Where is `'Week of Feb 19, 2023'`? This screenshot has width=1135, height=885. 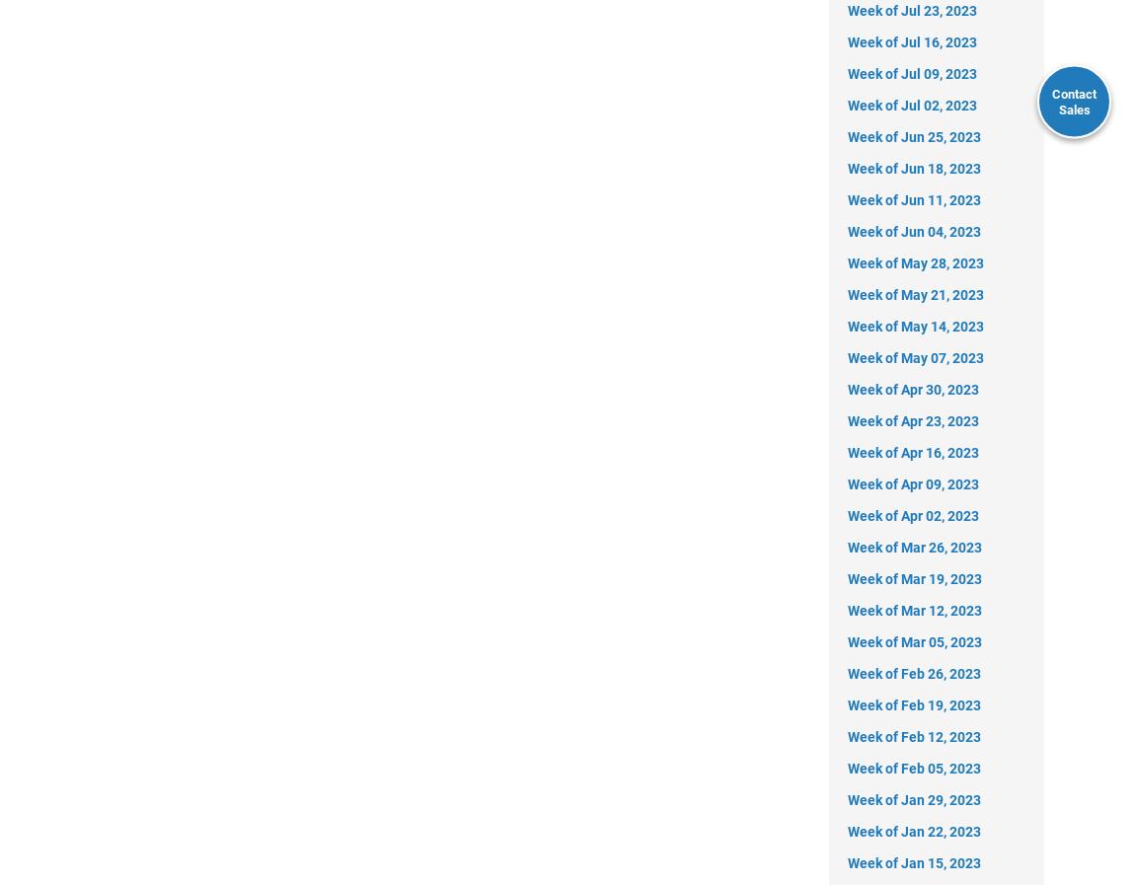
'Week of Feb 19, 2023' is located at coordinates (914, 704).